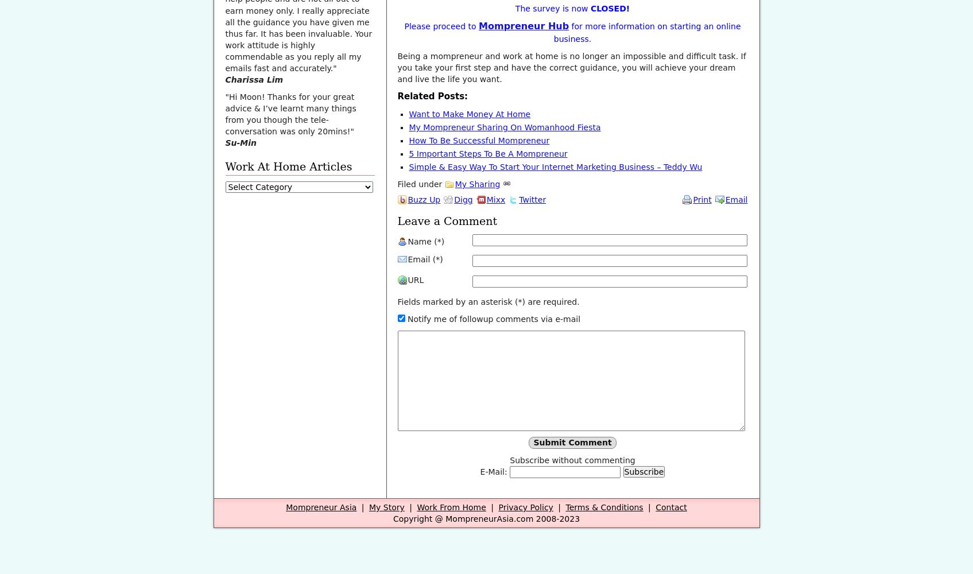 Image resolution: width=973 pixels, height=574 pixels. What do you see at coordinates (432, 96) in the screenshot?
I see `'Related Posts:'` at bounding box center [432, 96].